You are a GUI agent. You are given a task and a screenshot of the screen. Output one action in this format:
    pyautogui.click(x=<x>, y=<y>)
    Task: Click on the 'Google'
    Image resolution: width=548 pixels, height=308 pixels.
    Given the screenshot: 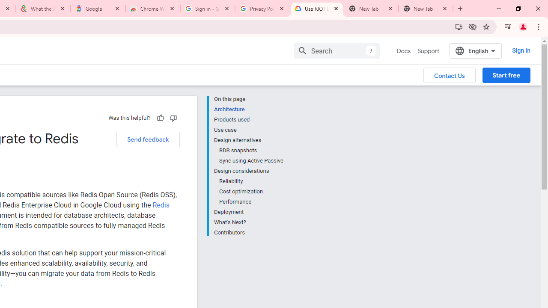 What is the action you would take?
    pyautogui.click(x=98, y=9)
    